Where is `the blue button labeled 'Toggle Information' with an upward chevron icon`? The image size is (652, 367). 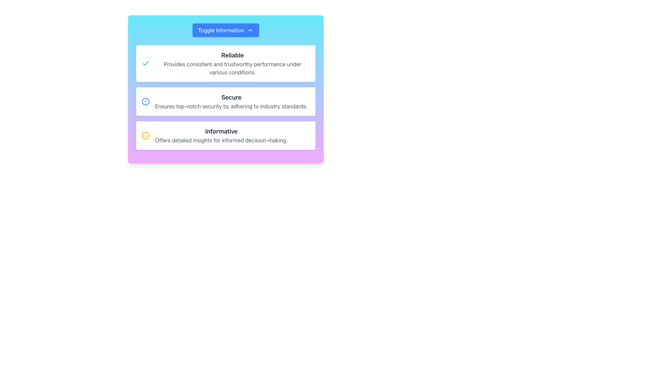 the blue button labeled 'Toggle Information' with an upward chevron icon is located at coordinates (226, 30).